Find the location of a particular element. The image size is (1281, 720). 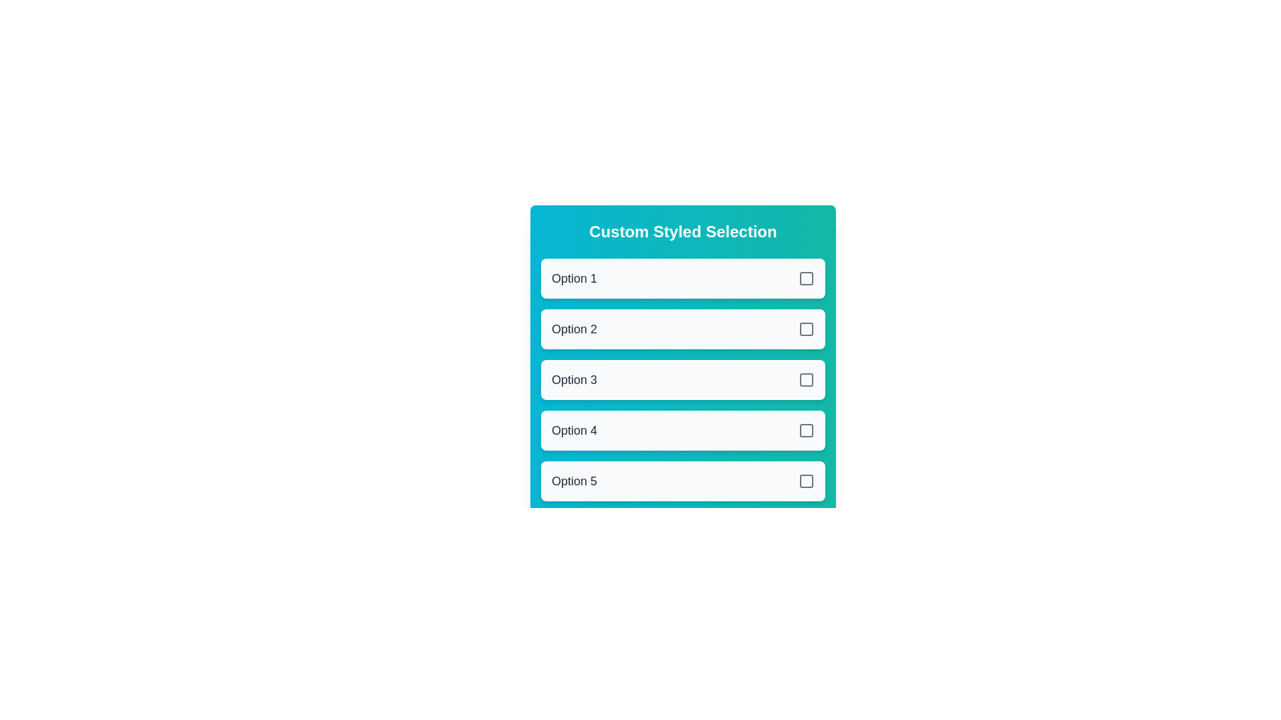

the option 3 from the list is located at coordinates (683, 380).